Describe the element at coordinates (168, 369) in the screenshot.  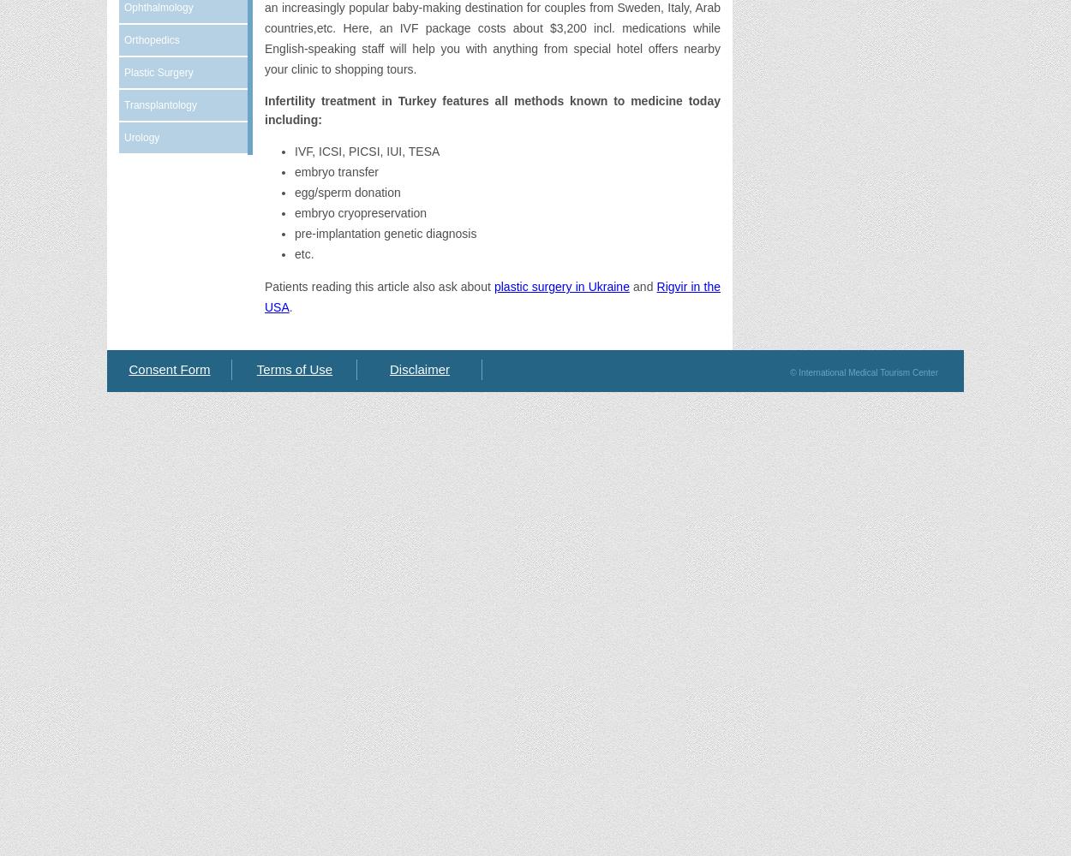
I see `'Consent Form'` at that location.